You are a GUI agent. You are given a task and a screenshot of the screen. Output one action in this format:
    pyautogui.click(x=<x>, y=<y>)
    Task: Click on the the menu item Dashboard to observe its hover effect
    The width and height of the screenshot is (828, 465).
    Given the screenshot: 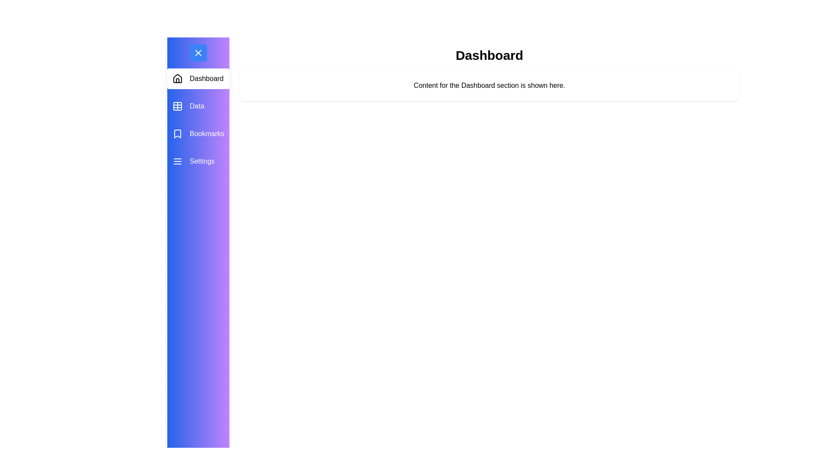 What is the action you would take?
    pyautogui.click(x=198, y=78)
    